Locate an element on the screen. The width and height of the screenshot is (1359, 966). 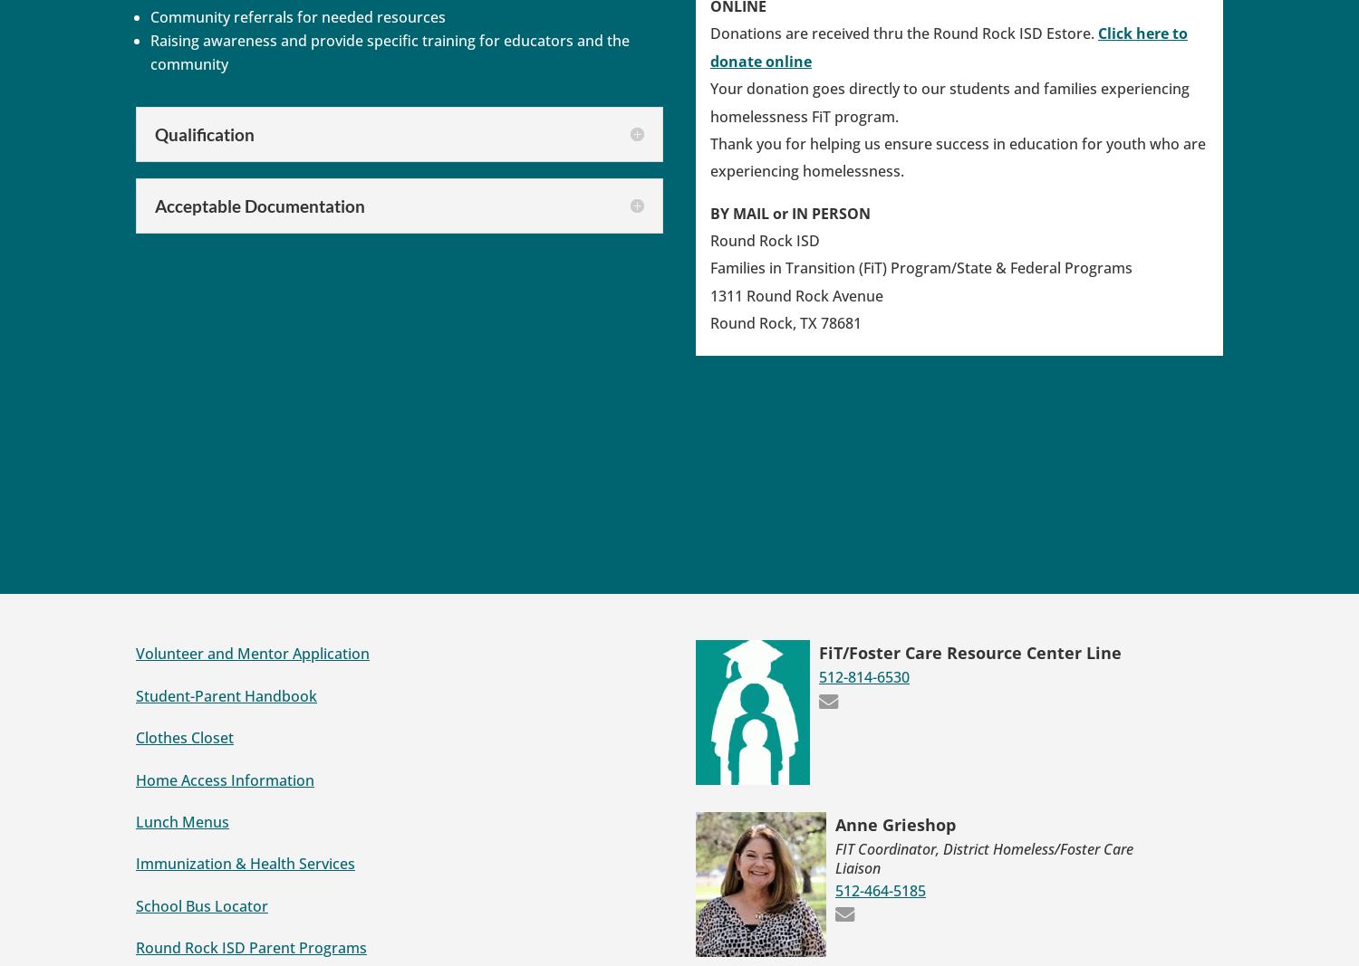
'Lunch Menus' is located at coordinates (136, 820).